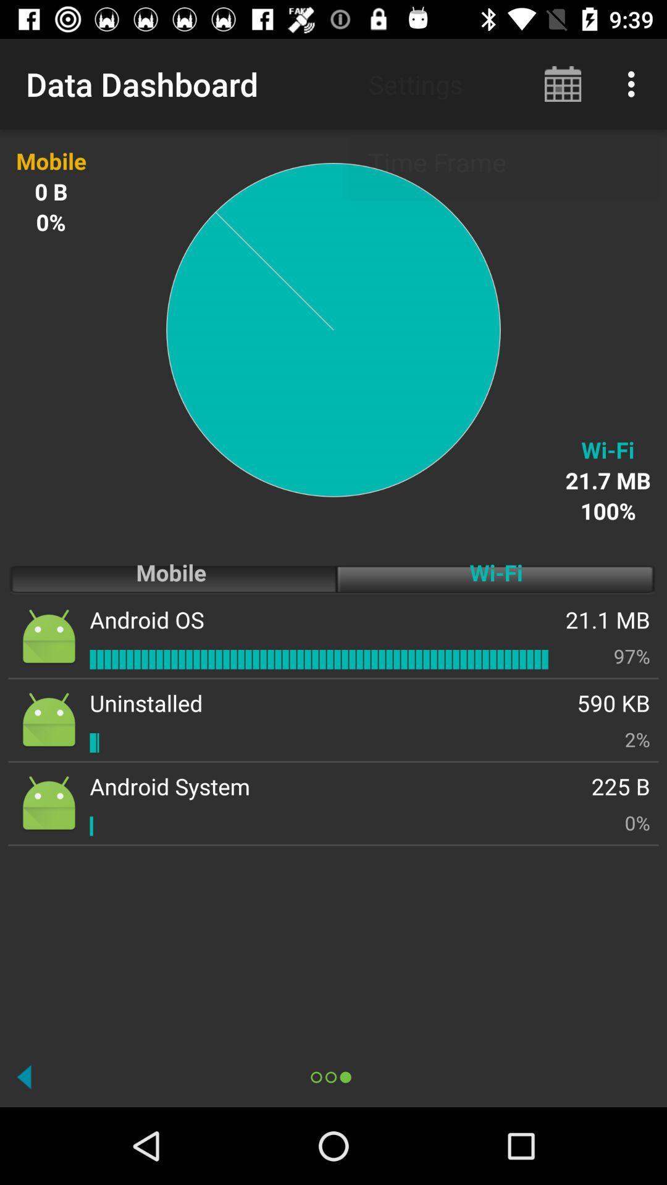  I want to click on the app above 225 b item, so click(637, 739).